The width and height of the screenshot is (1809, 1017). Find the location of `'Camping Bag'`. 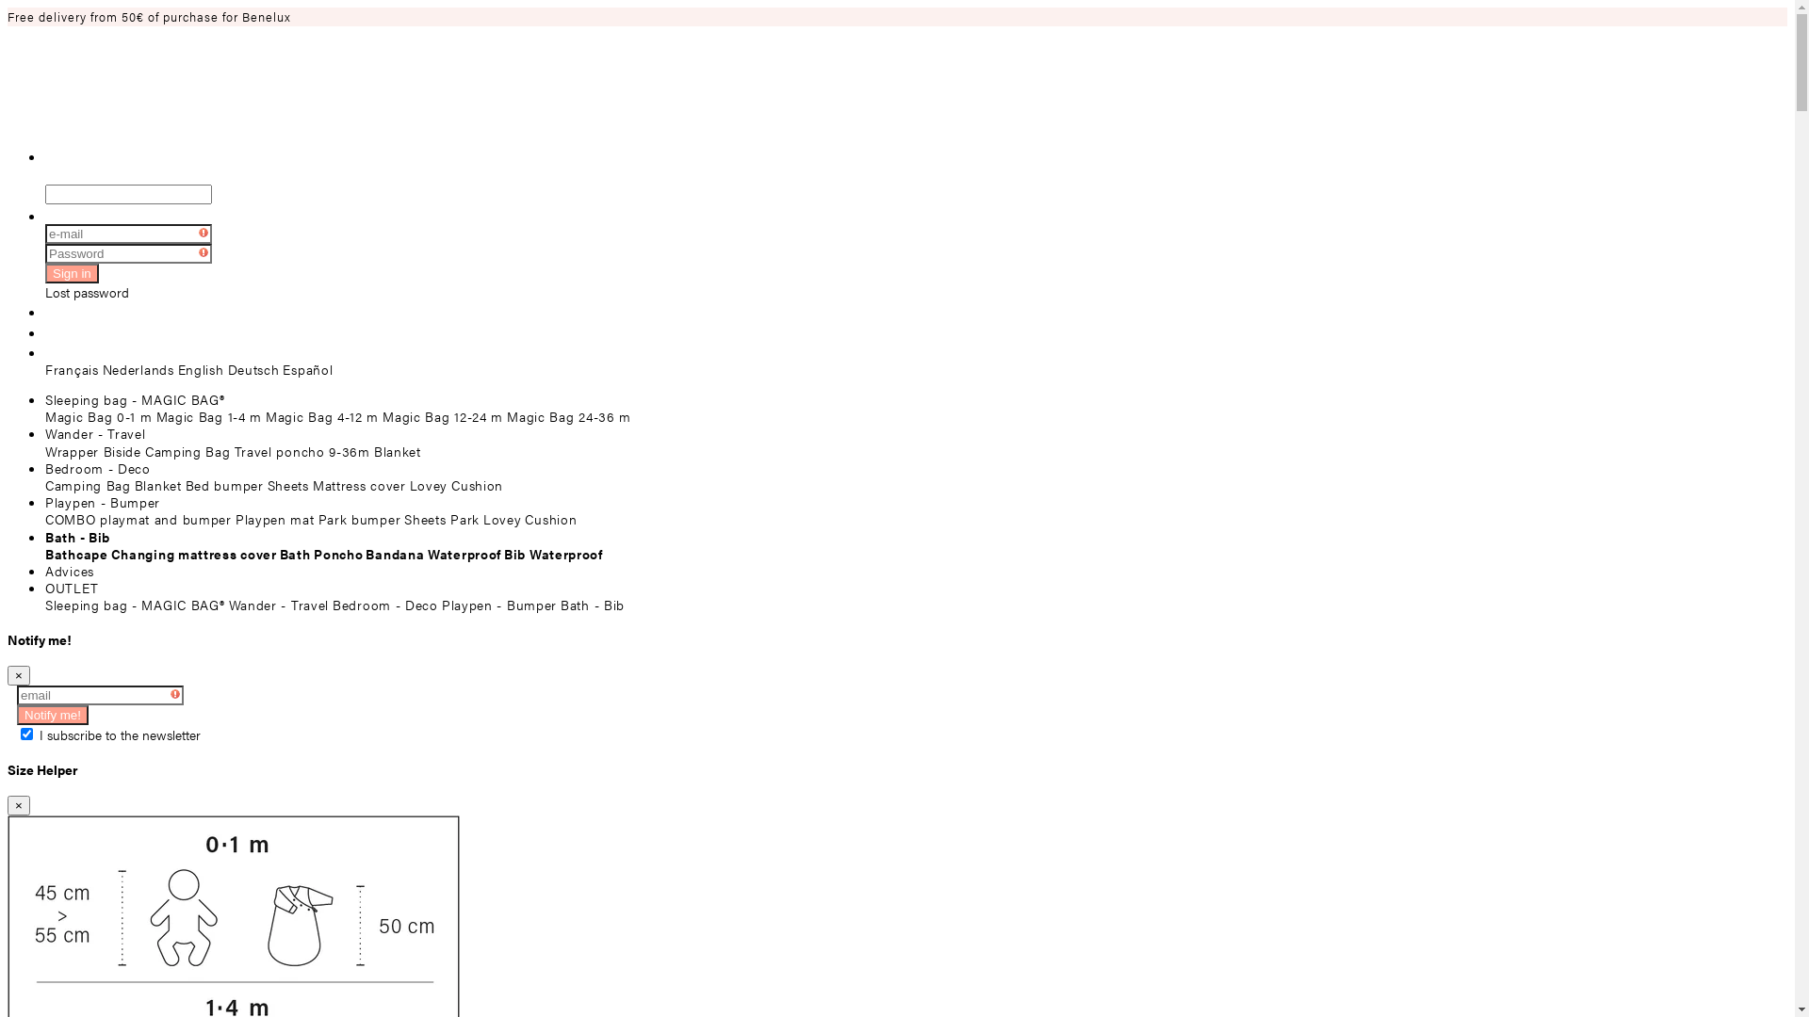

'Camping Bag' is located at coordinates (87, 484).